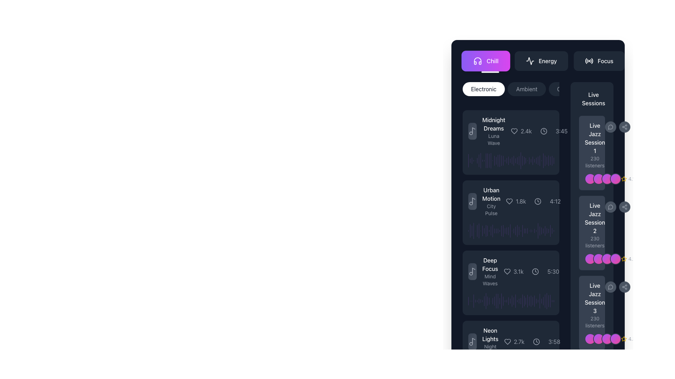 Image resolution: width=675 pixels, height=379 pixels. Describe the element at coordinates (472, 271) in the screenshot. I see `the minimalistic light gray music note icon located to the left of the 'Deep Focus' audio track information` at that location.